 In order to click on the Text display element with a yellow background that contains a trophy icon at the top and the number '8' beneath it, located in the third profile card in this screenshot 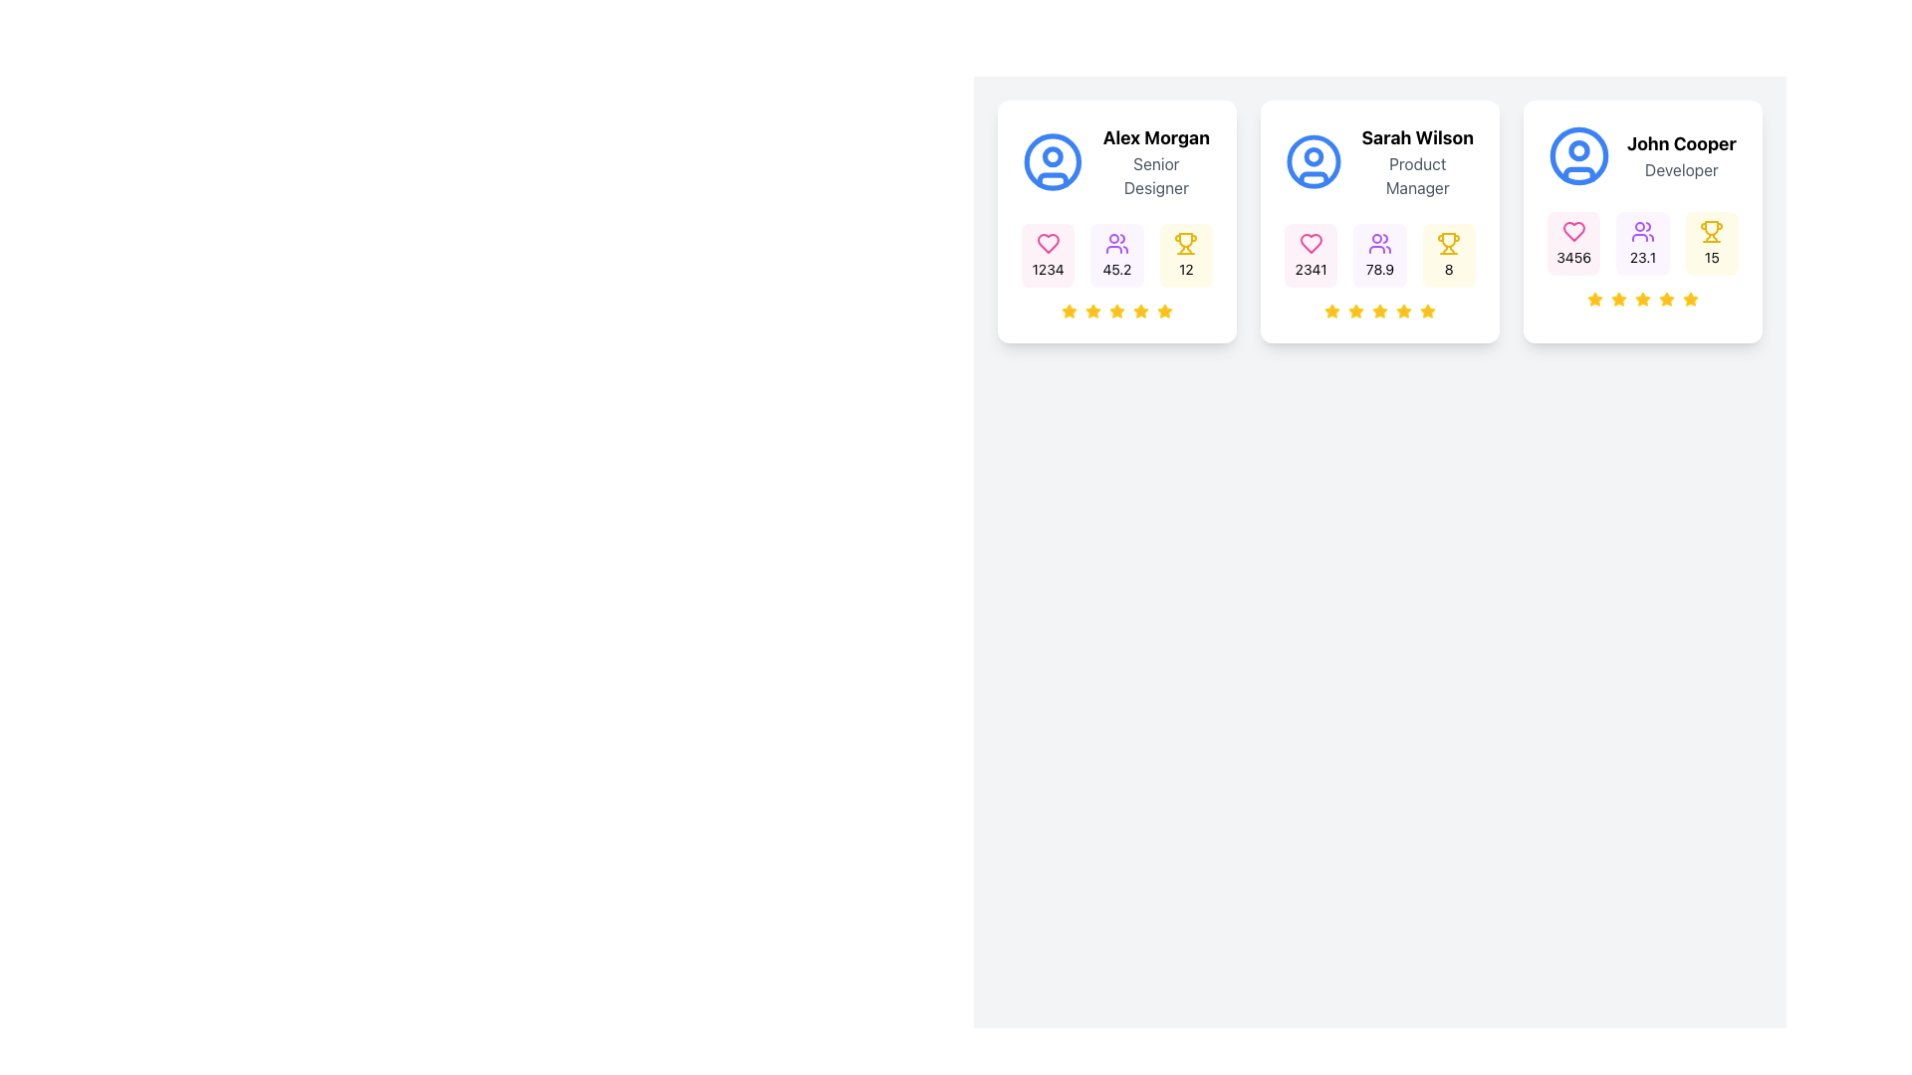, I will do `click(1449, 269)`.